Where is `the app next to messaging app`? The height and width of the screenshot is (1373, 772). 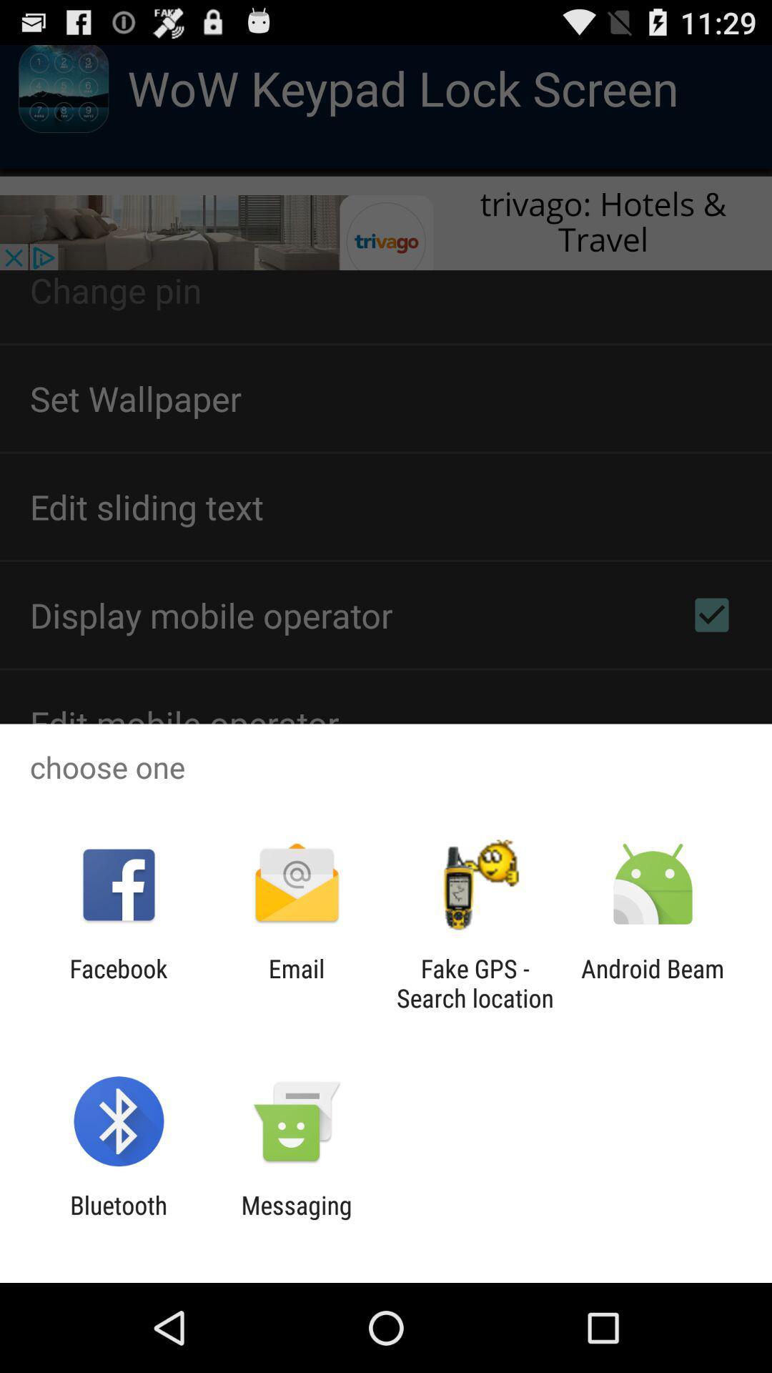
the app next to messaging app is located at coordinates (118, 1219).